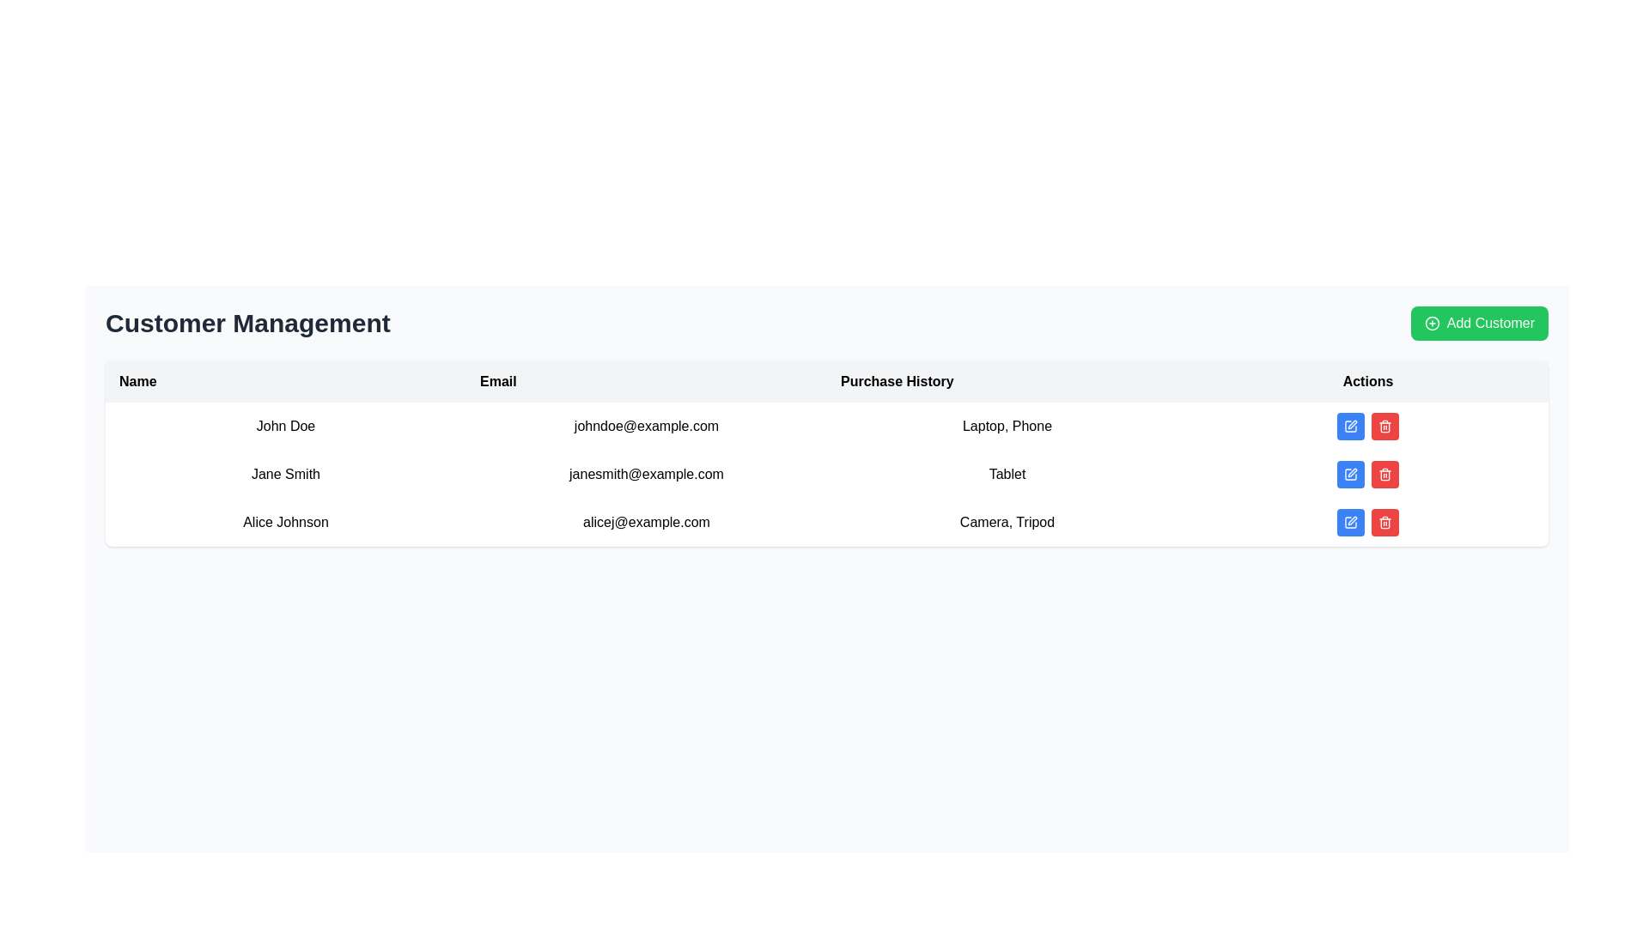 Image resolution: width=1649 pixels, height=927 pixels. What do you see at coordinates (646, 522) in the screenshot?
I see `the email display element for 'Alice Johnson' in the table, which is located in the second cell of the 'Email' column` at bounding box center [646, 522].